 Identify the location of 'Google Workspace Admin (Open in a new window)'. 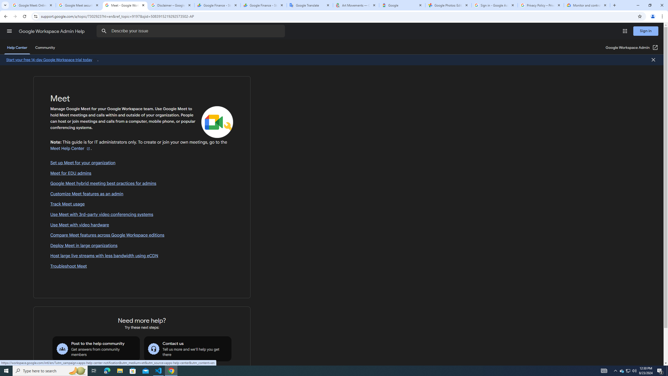
(632, 47).